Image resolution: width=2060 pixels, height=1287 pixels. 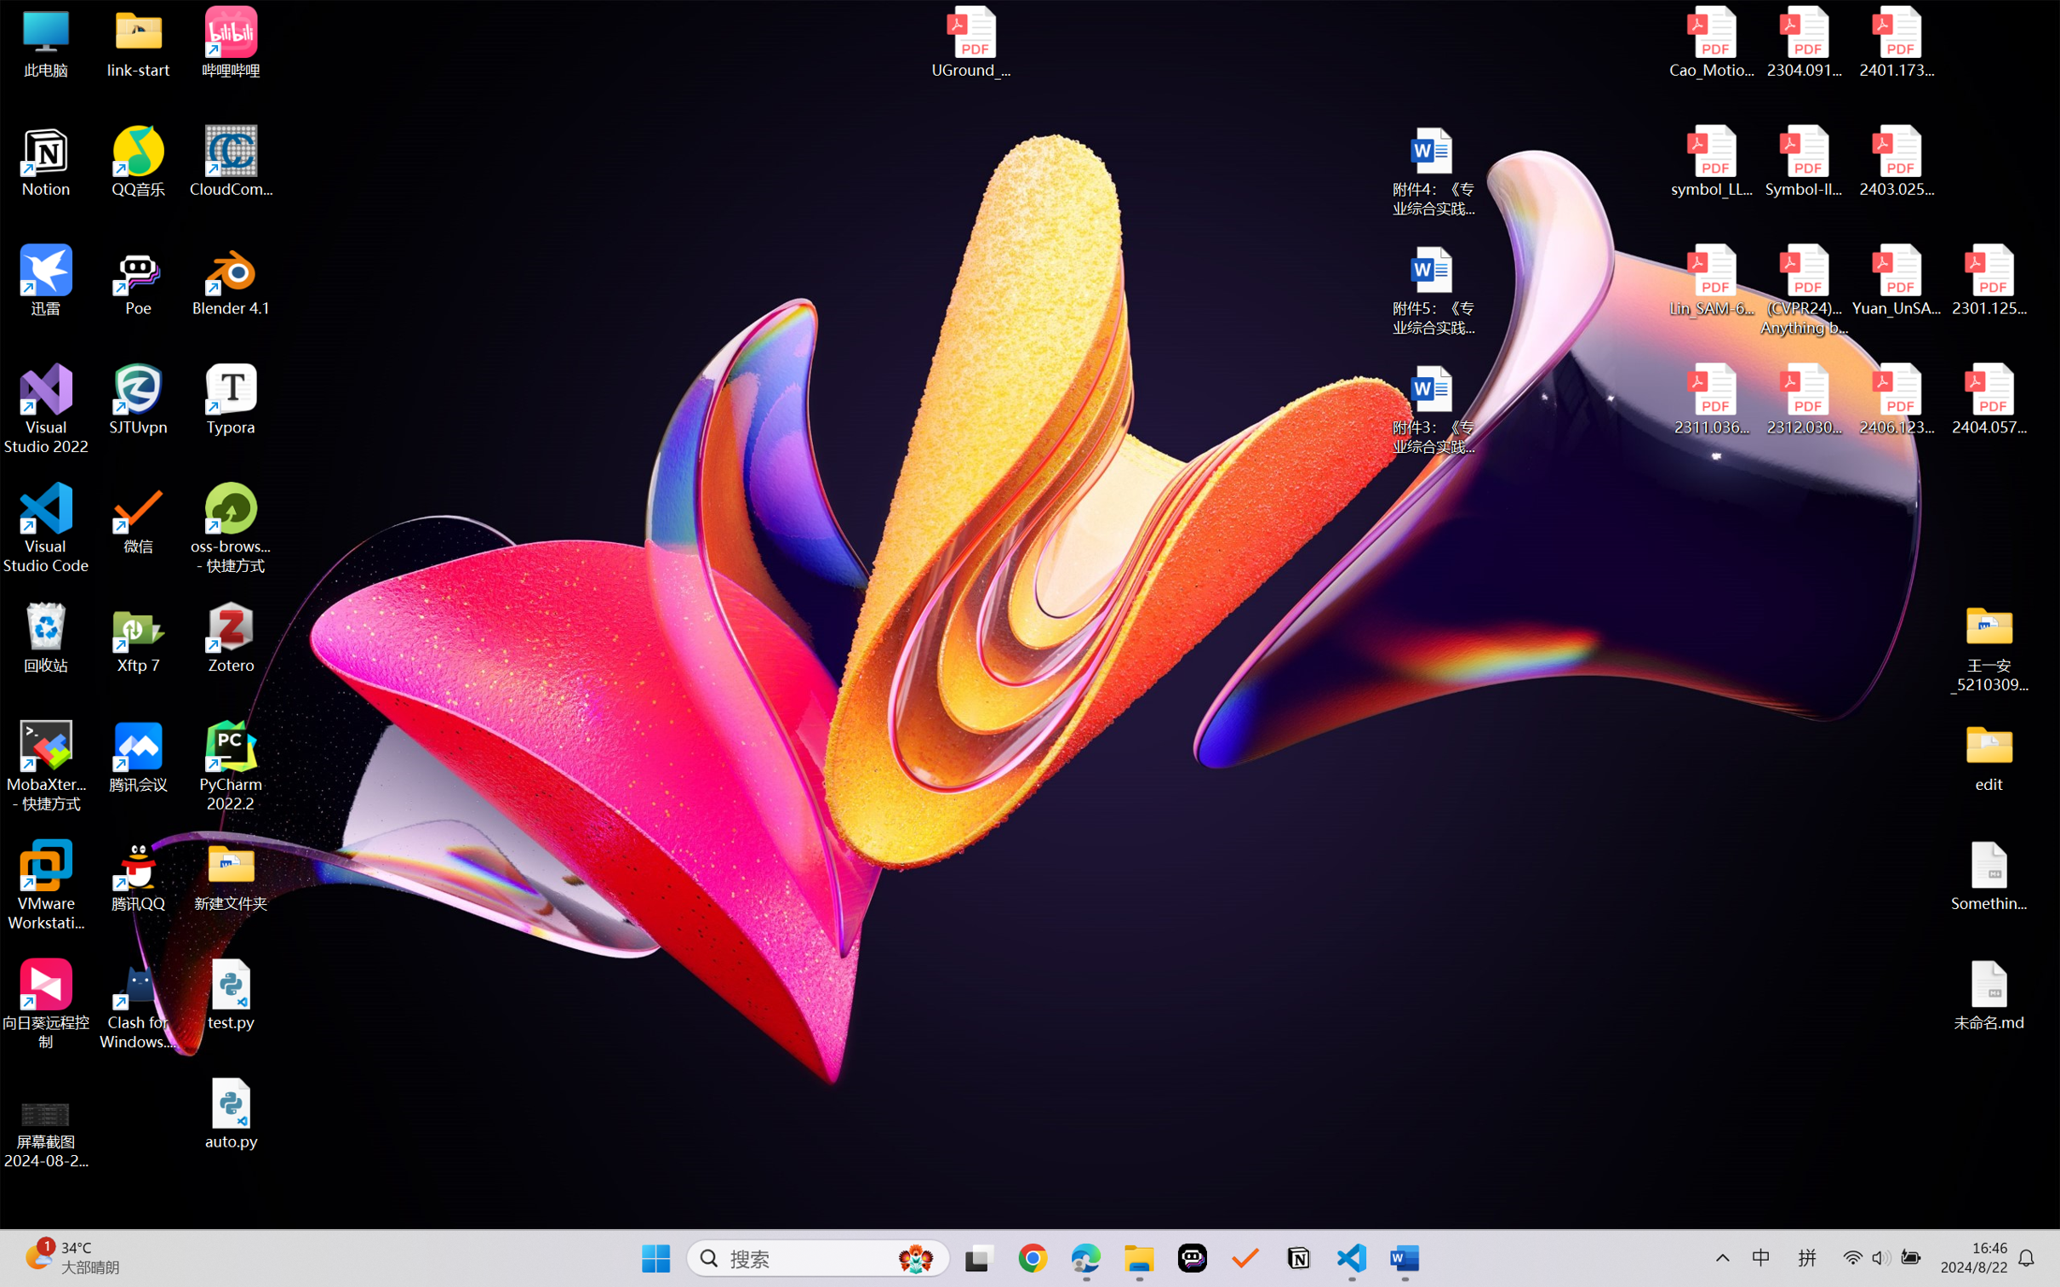 What do you see at coordinates (139, 399) in the screenshot?
I see `'SJTUvpn'` at bounding box center [139, 399].